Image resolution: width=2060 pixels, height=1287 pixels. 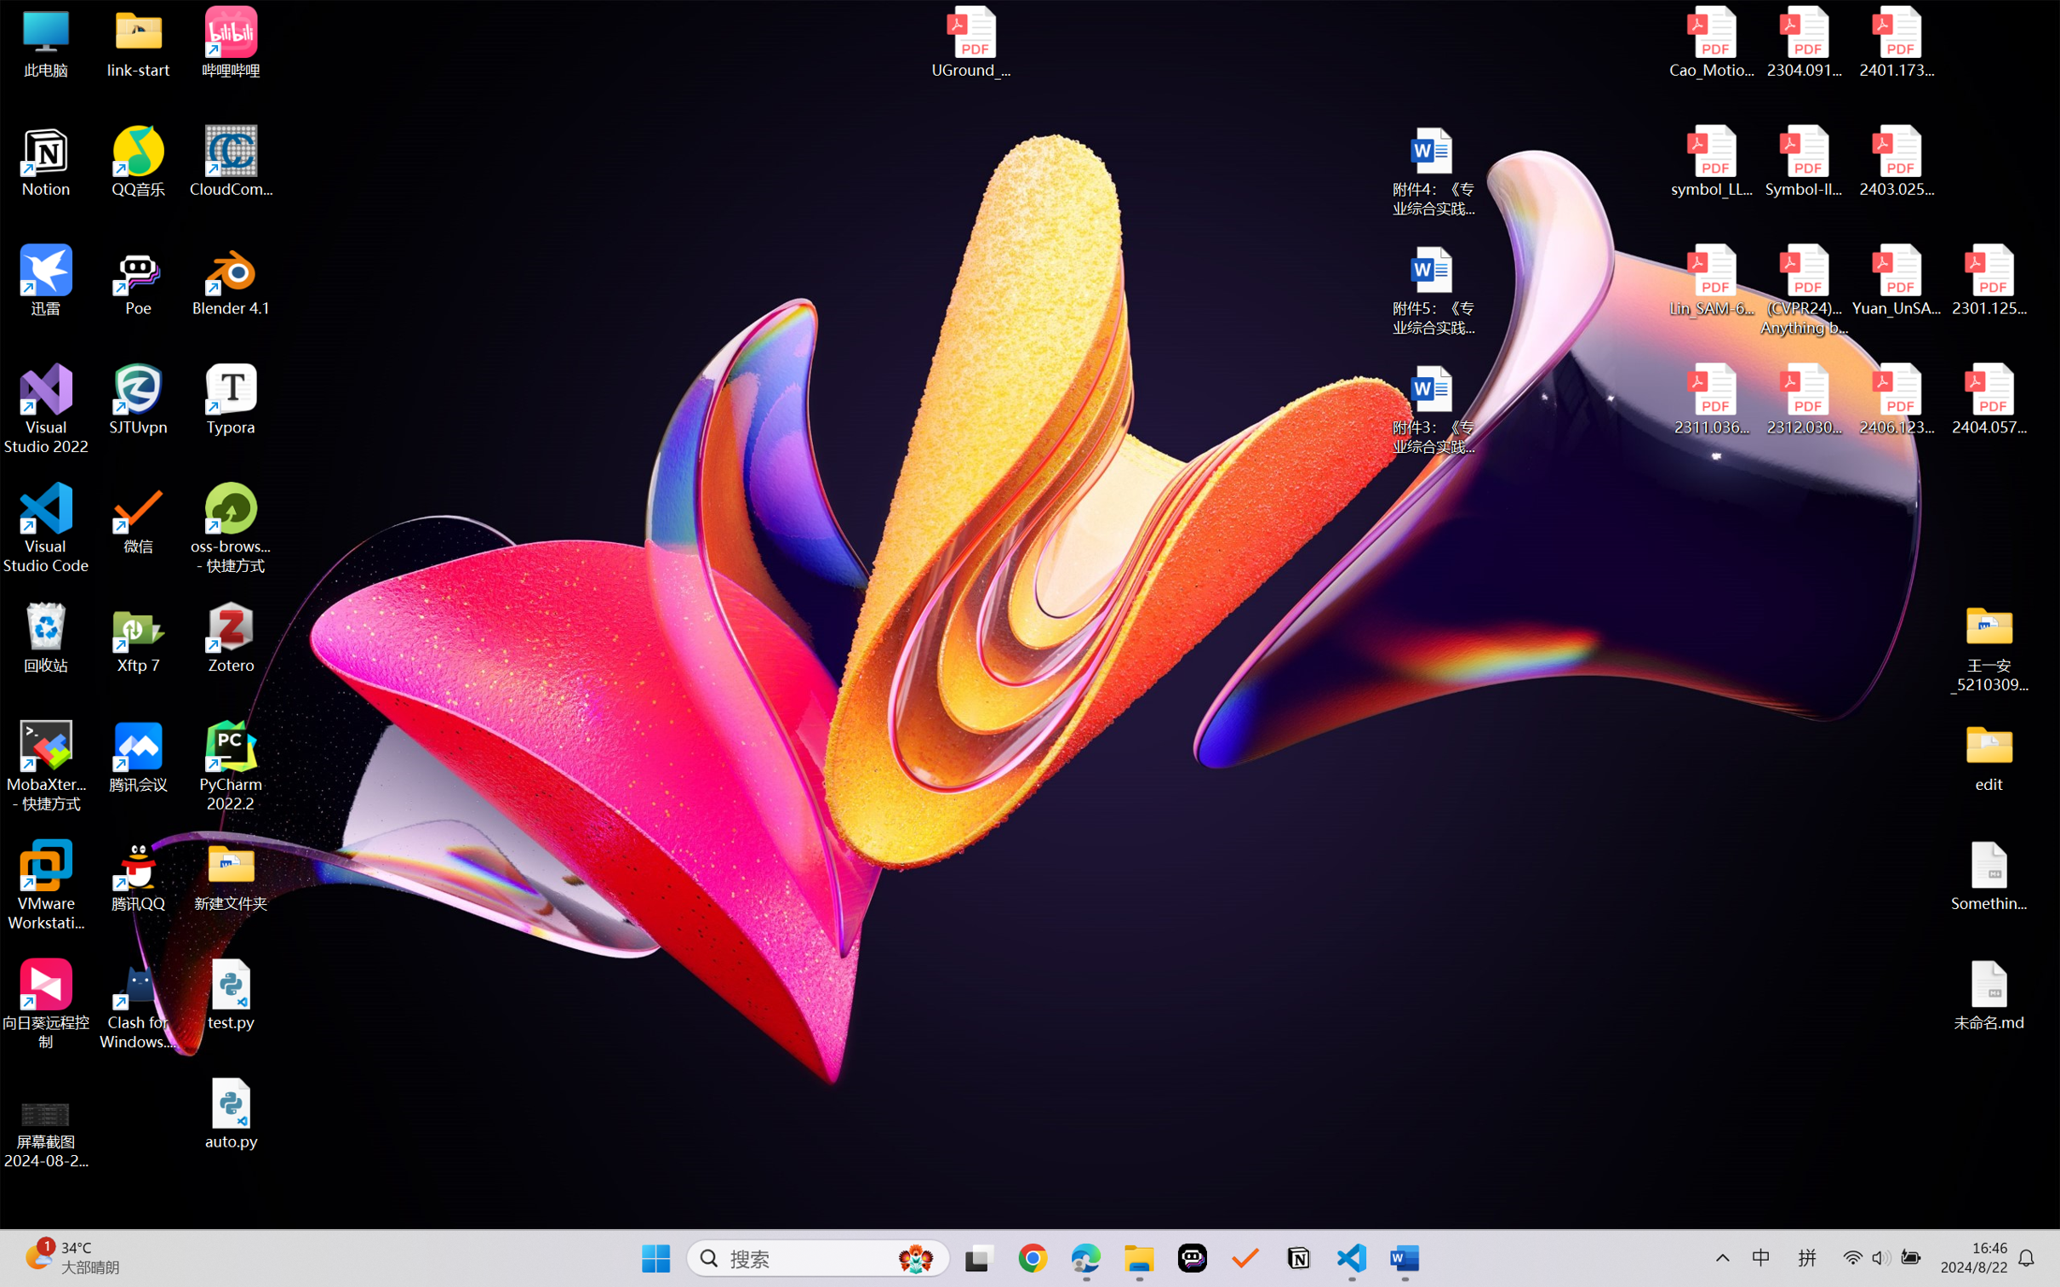 What do you see at coordinates (139, 399) in the screenshot?
I see `'SJTUvpn'` at bounding box center [139, 399].